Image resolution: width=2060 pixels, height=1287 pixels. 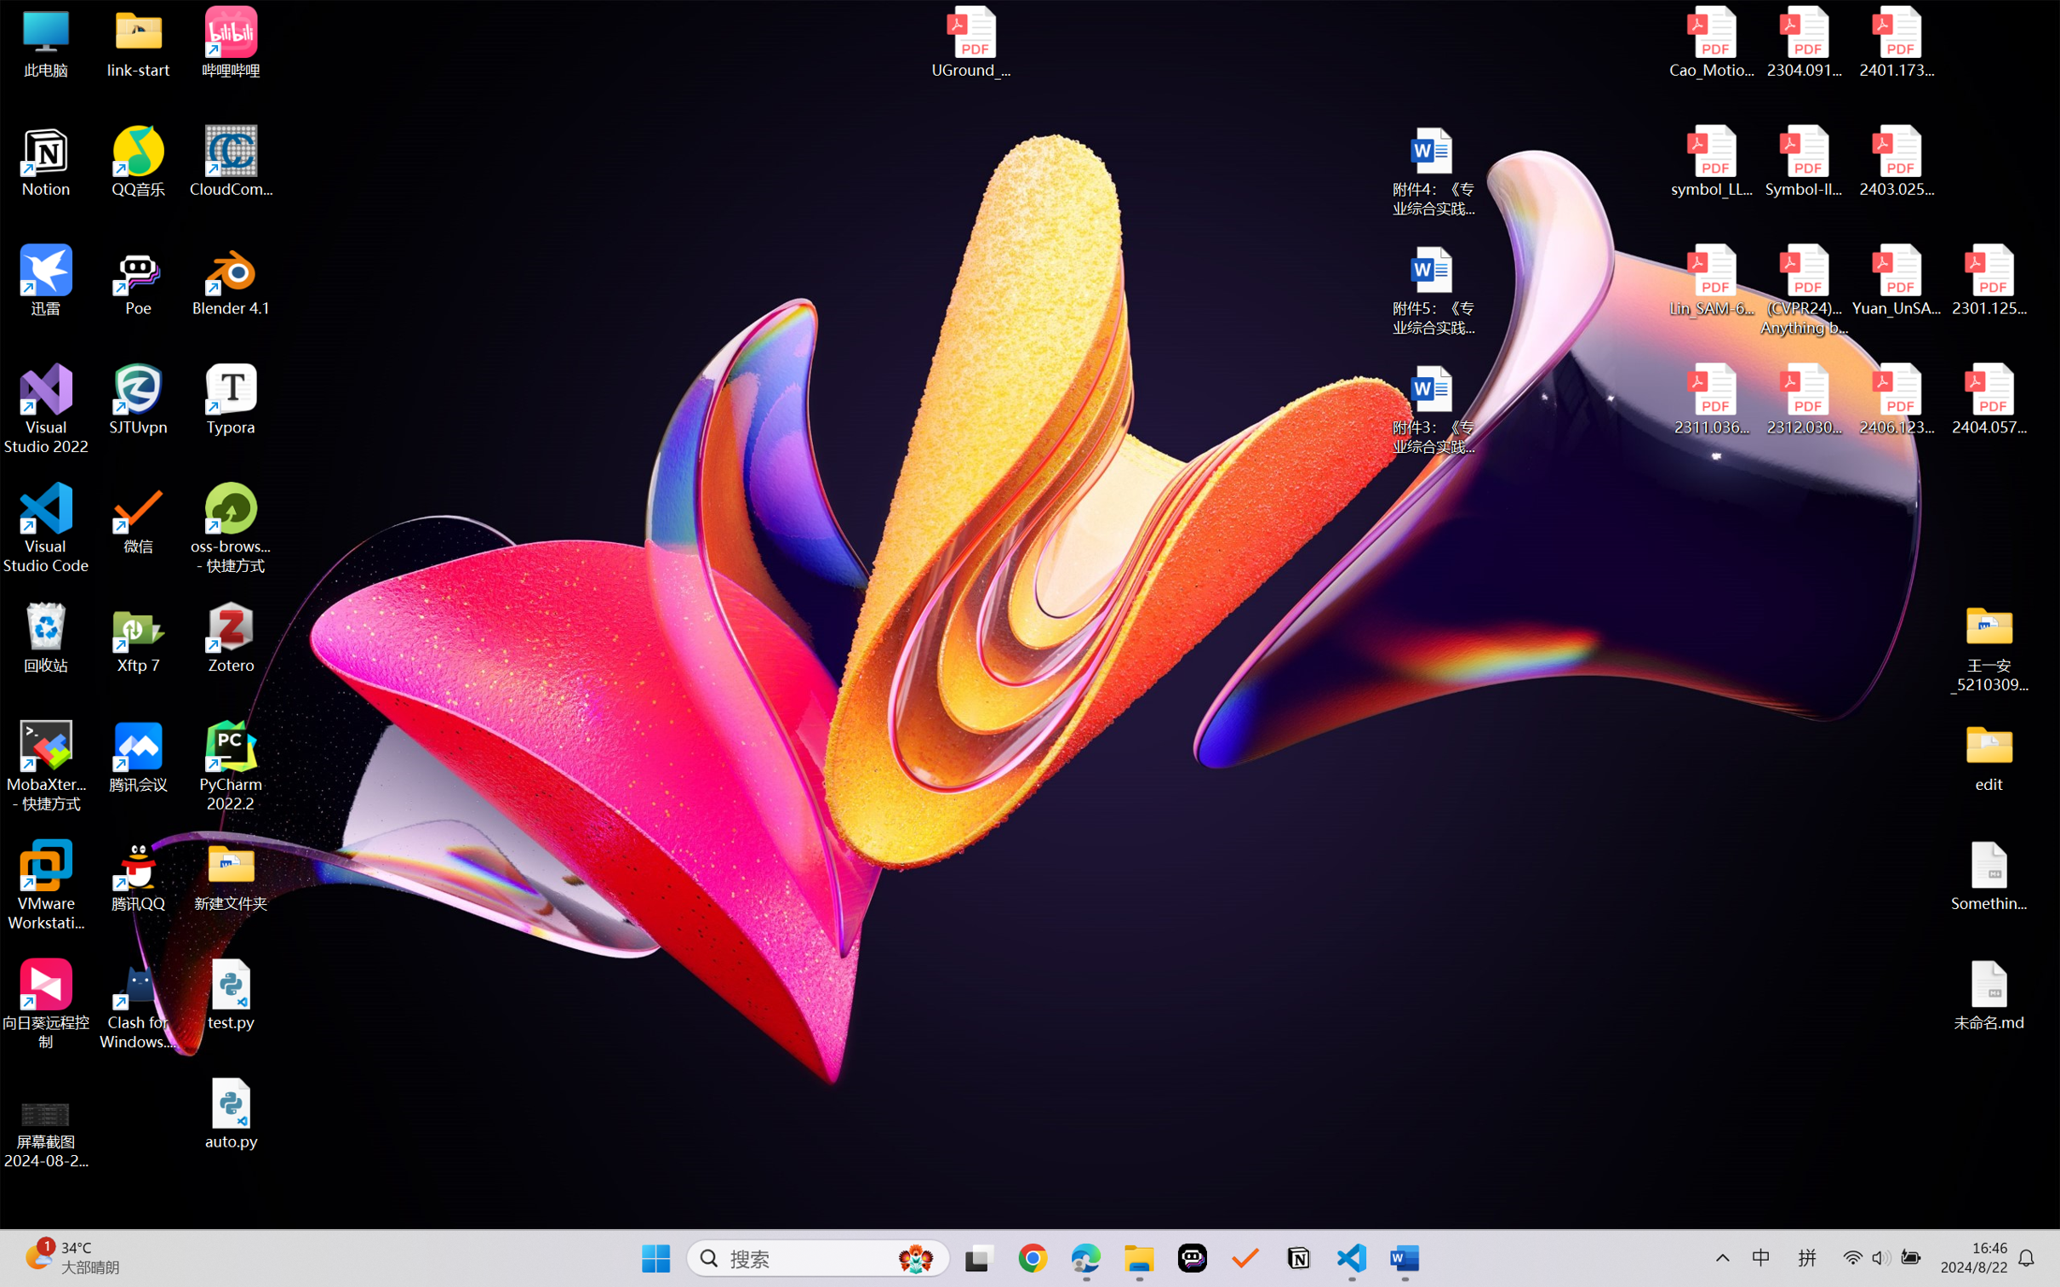 What do you see at coordinates (139, 399) in the screenshot?
I see `'SJTUvpn'` at bounding box center [139, 399].